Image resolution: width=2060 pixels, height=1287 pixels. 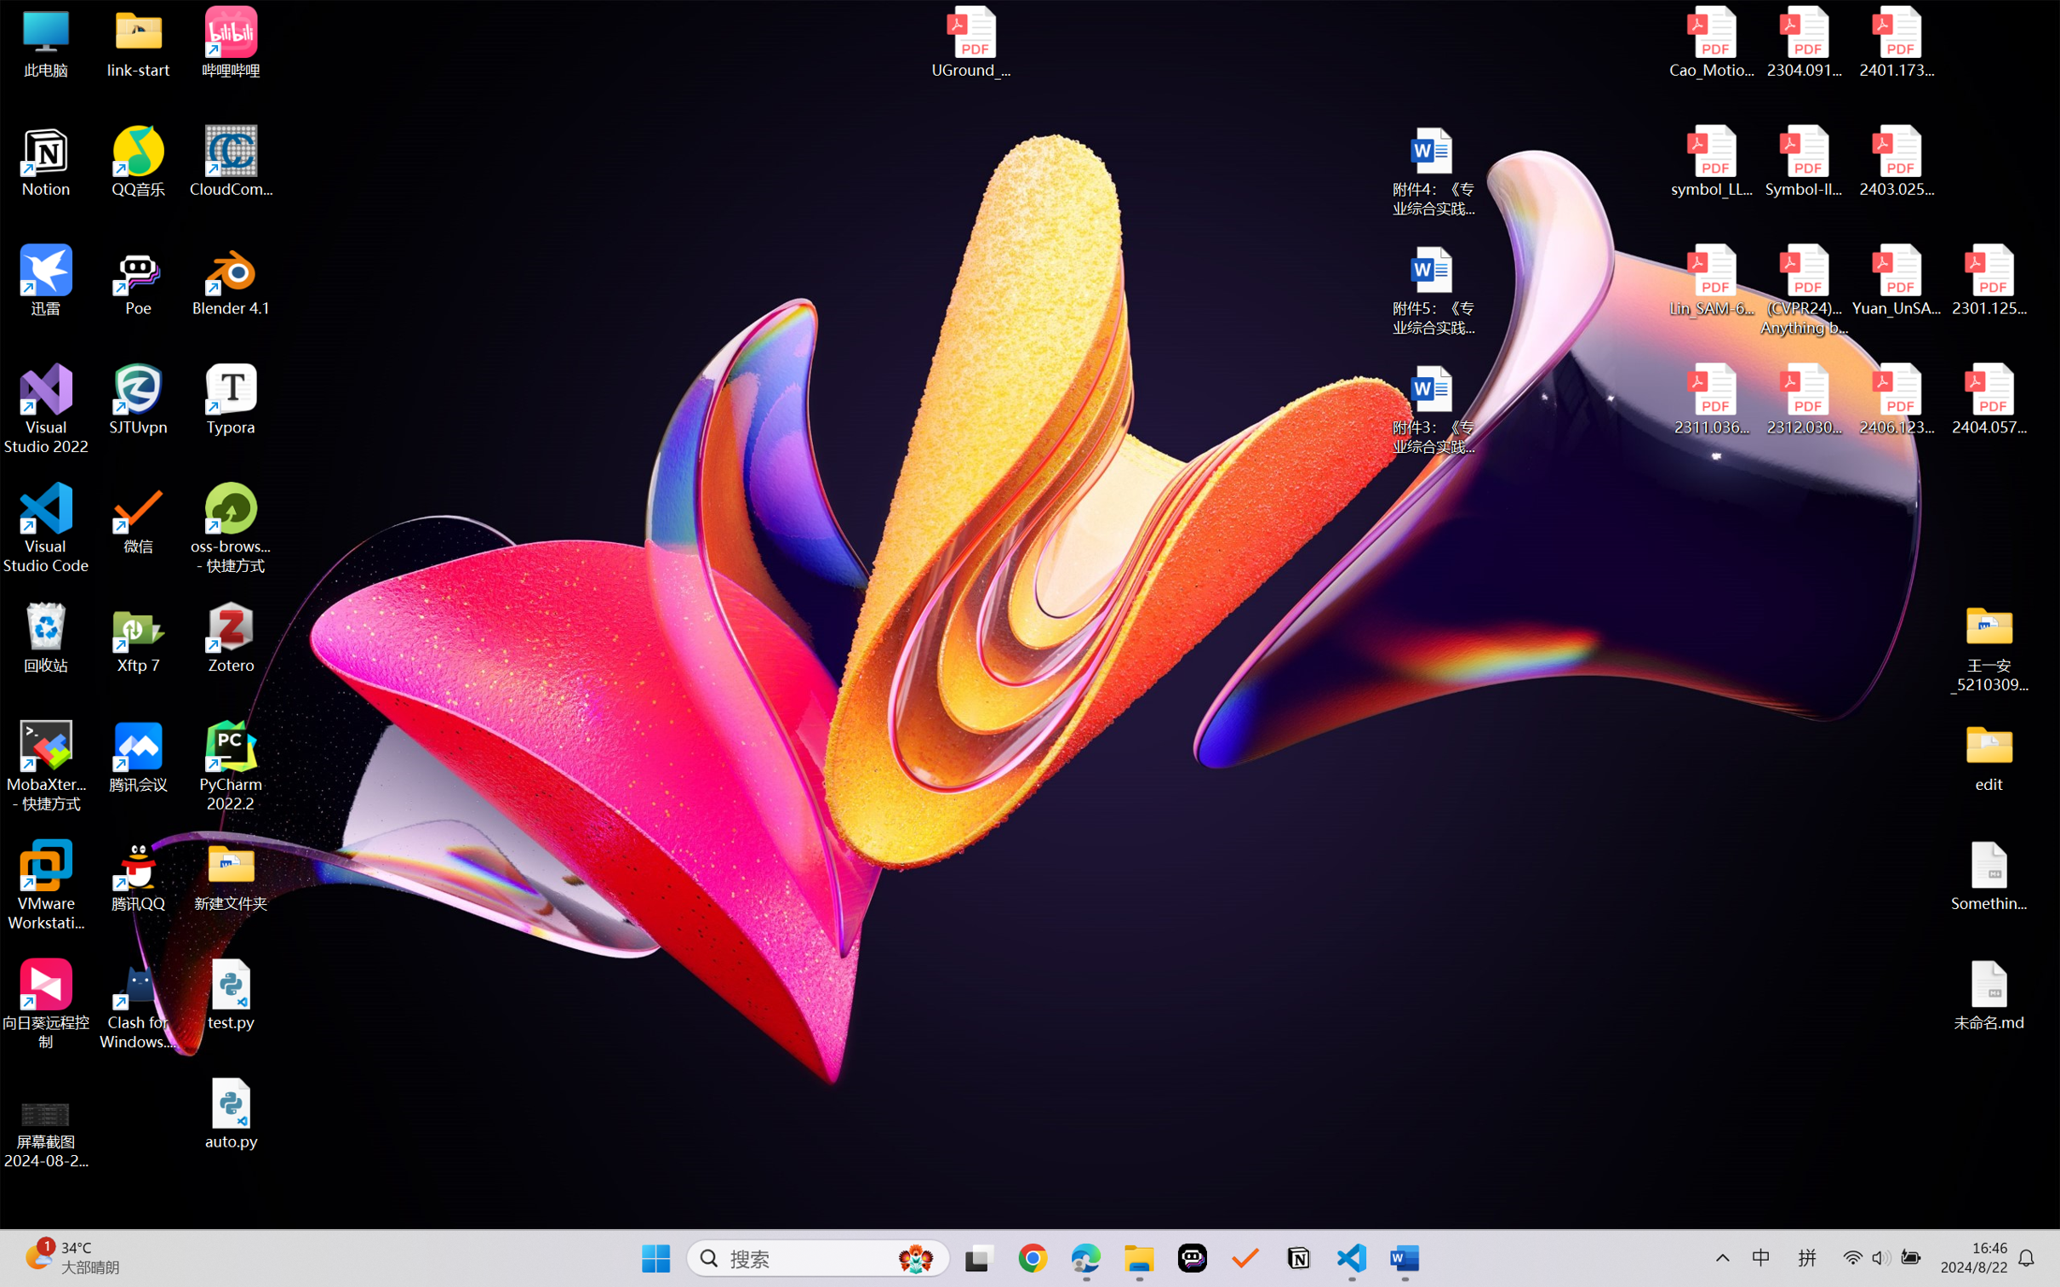 What do you see at coordinates (139, 399) in the screenshot?
I see `'SJTUvpn'` at bounding box center [139, 399].